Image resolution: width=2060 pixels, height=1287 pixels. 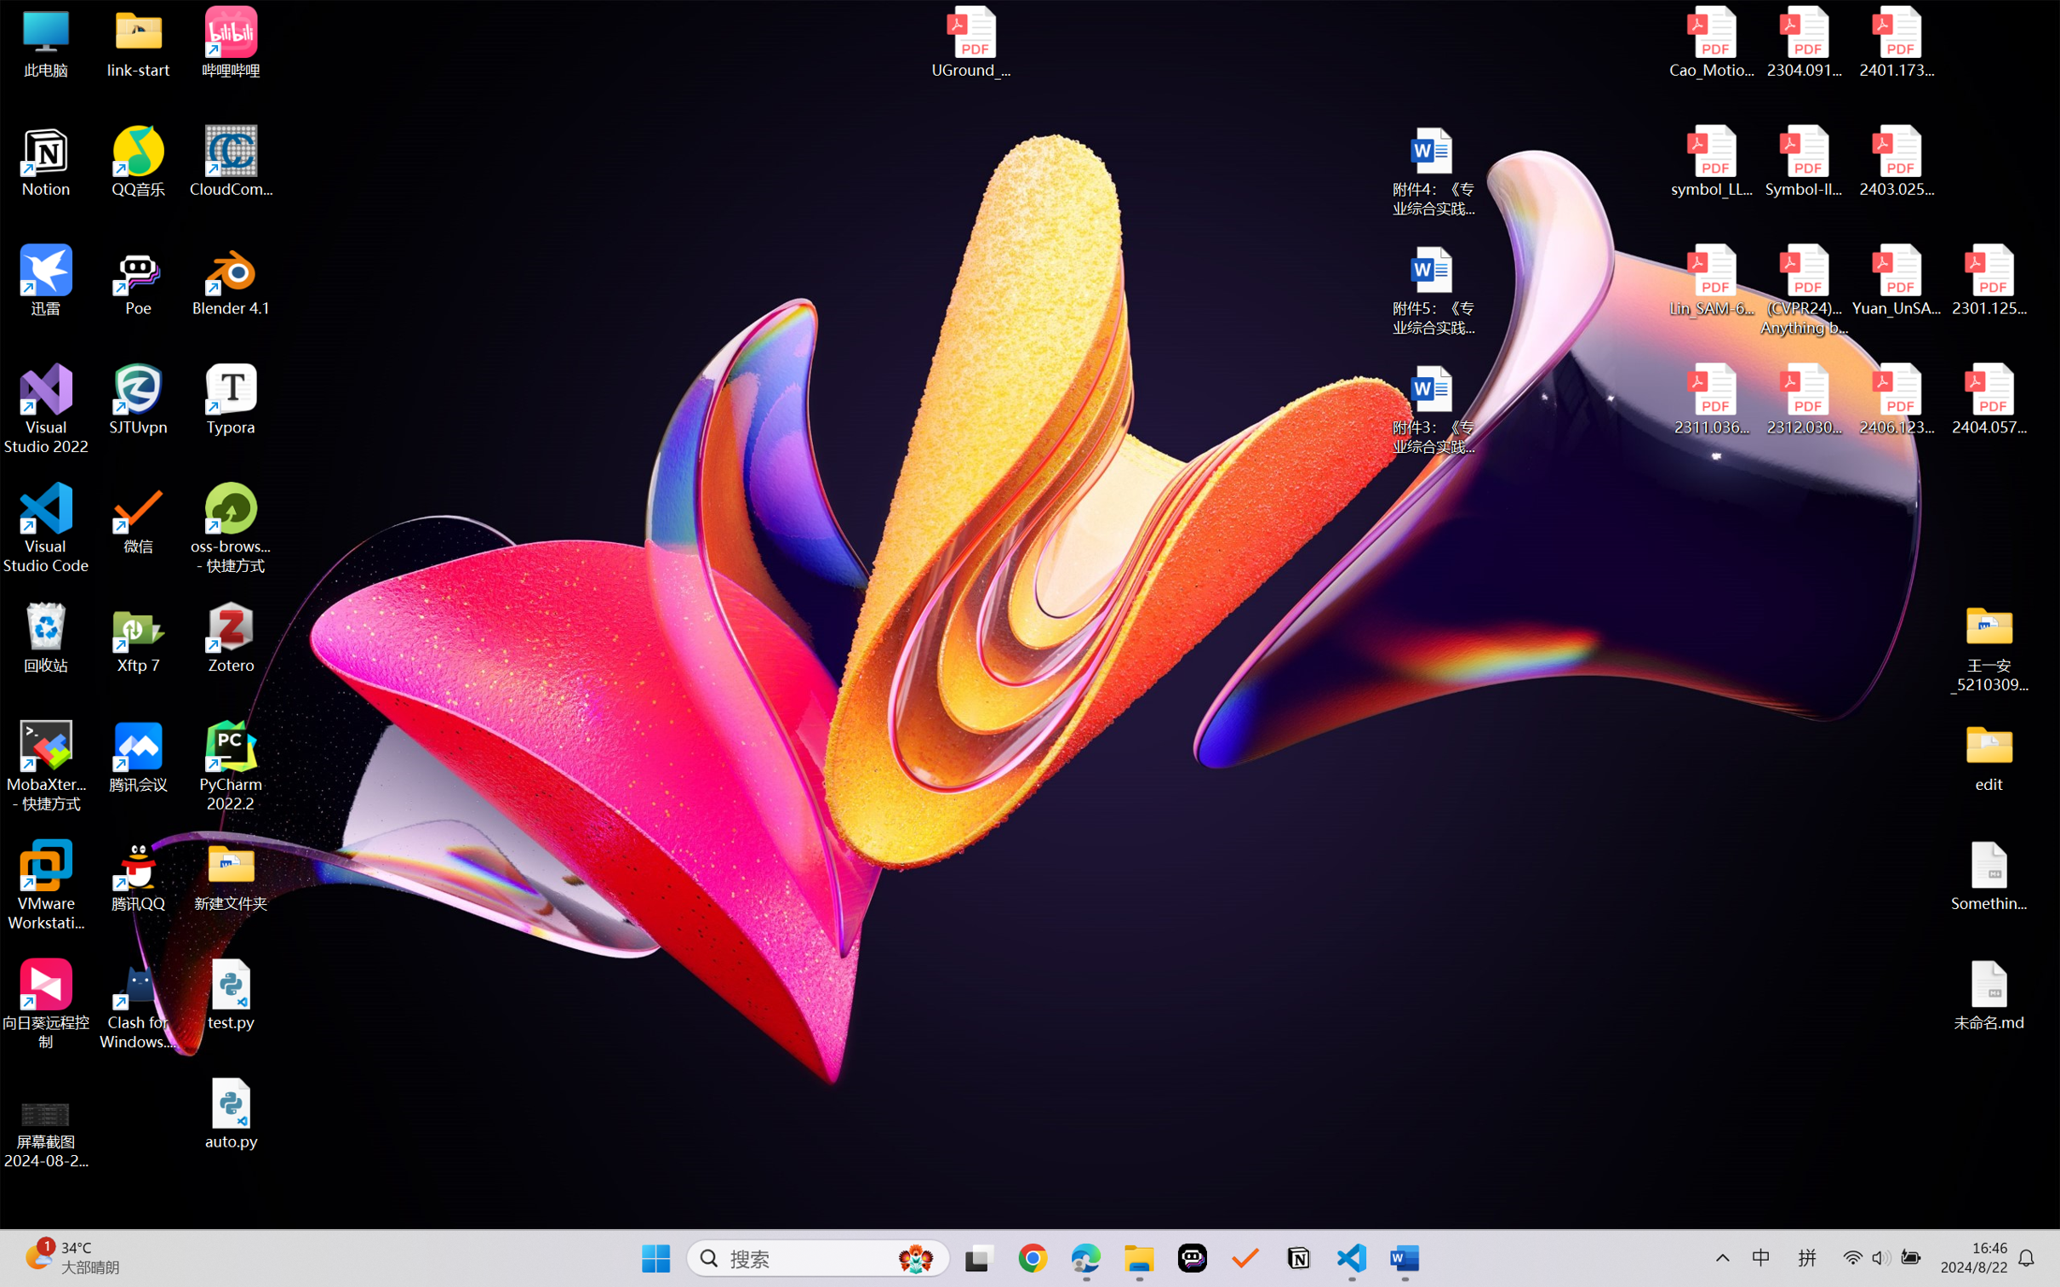 What do you see at coordinates (139, 399) in the screenshot?
I see `'SJTUvpn'` at bounding box center [139, 399].